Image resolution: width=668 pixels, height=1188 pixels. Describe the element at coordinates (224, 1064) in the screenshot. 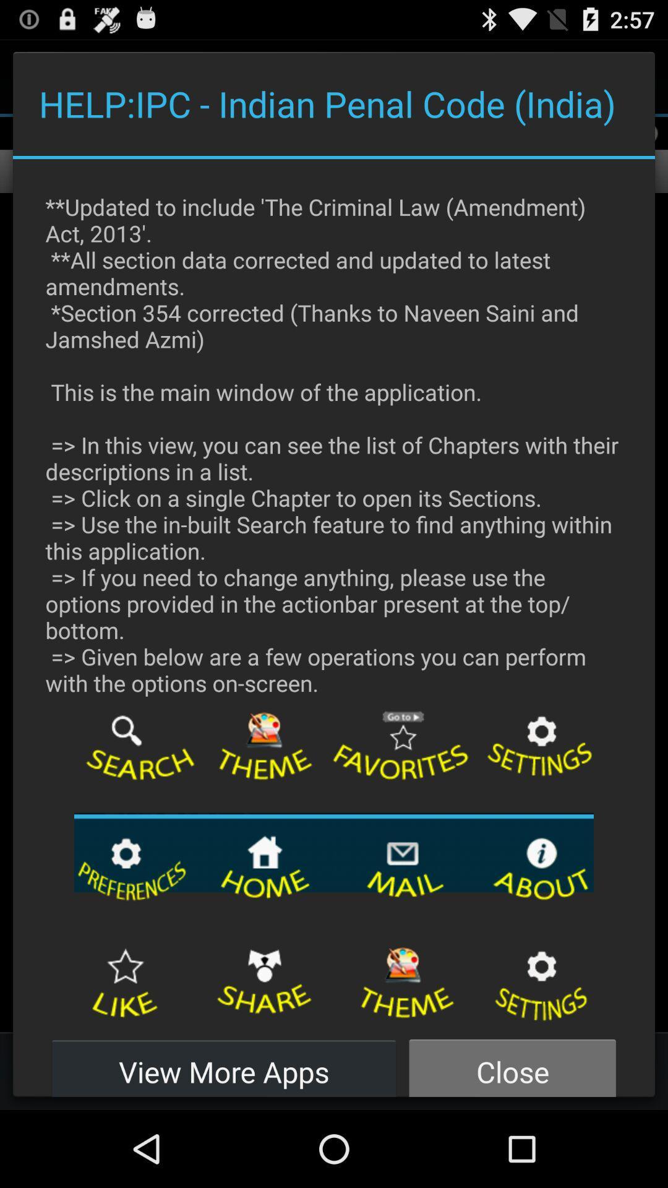

I see `the view more apps item` at that location.